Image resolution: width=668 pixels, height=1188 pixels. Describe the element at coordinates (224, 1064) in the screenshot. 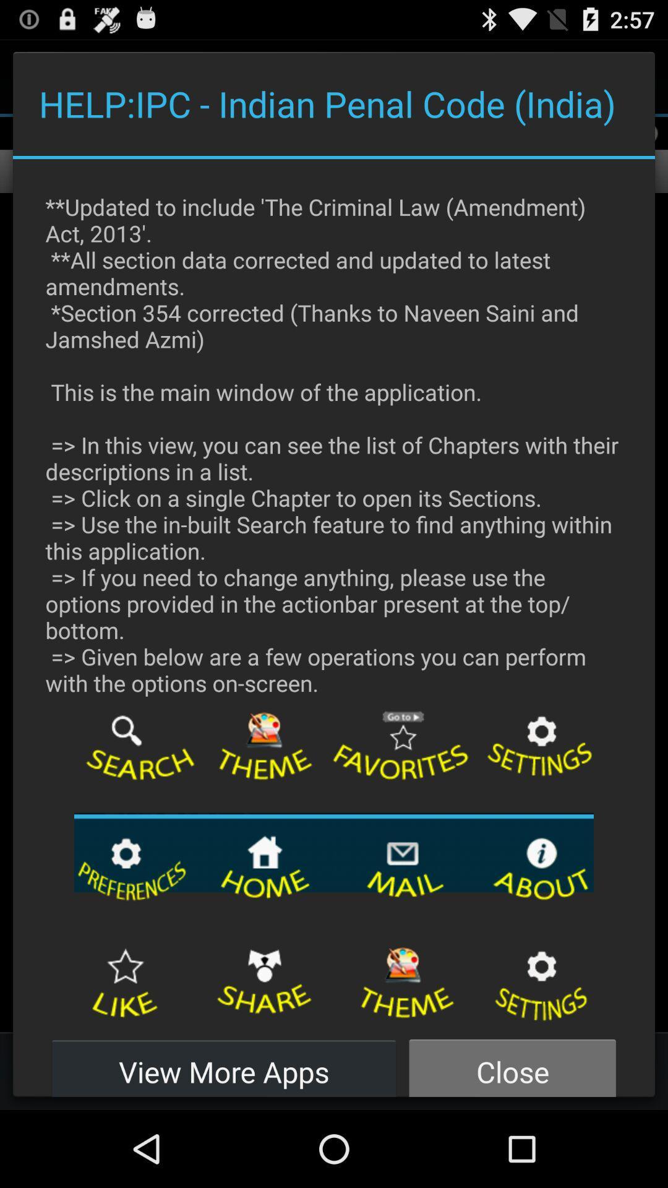

I see `the view more apps item` at that location.